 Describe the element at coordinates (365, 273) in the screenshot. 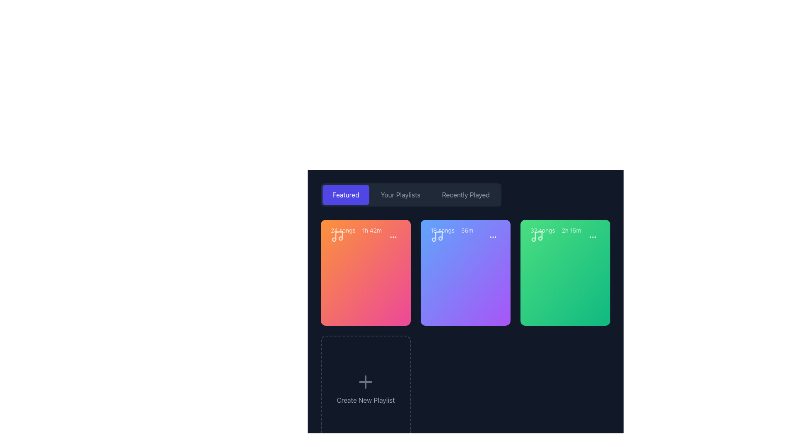

I see `the playlist card located at the top-left side of the grid layout` at that location.